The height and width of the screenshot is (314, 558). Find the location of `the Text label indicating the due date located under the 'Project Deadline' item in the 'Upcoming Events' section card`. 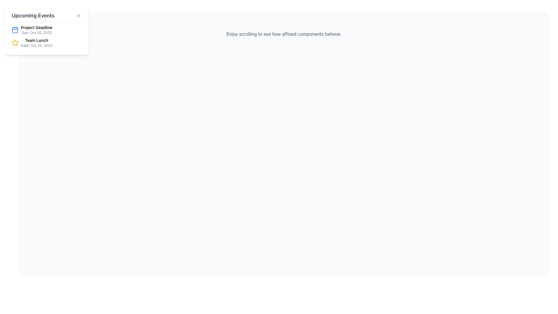

the Text label indicating the due date located under the 'Project Deadline' item in the 'Upcoming Events' section card is located at coordinates (36, 33).